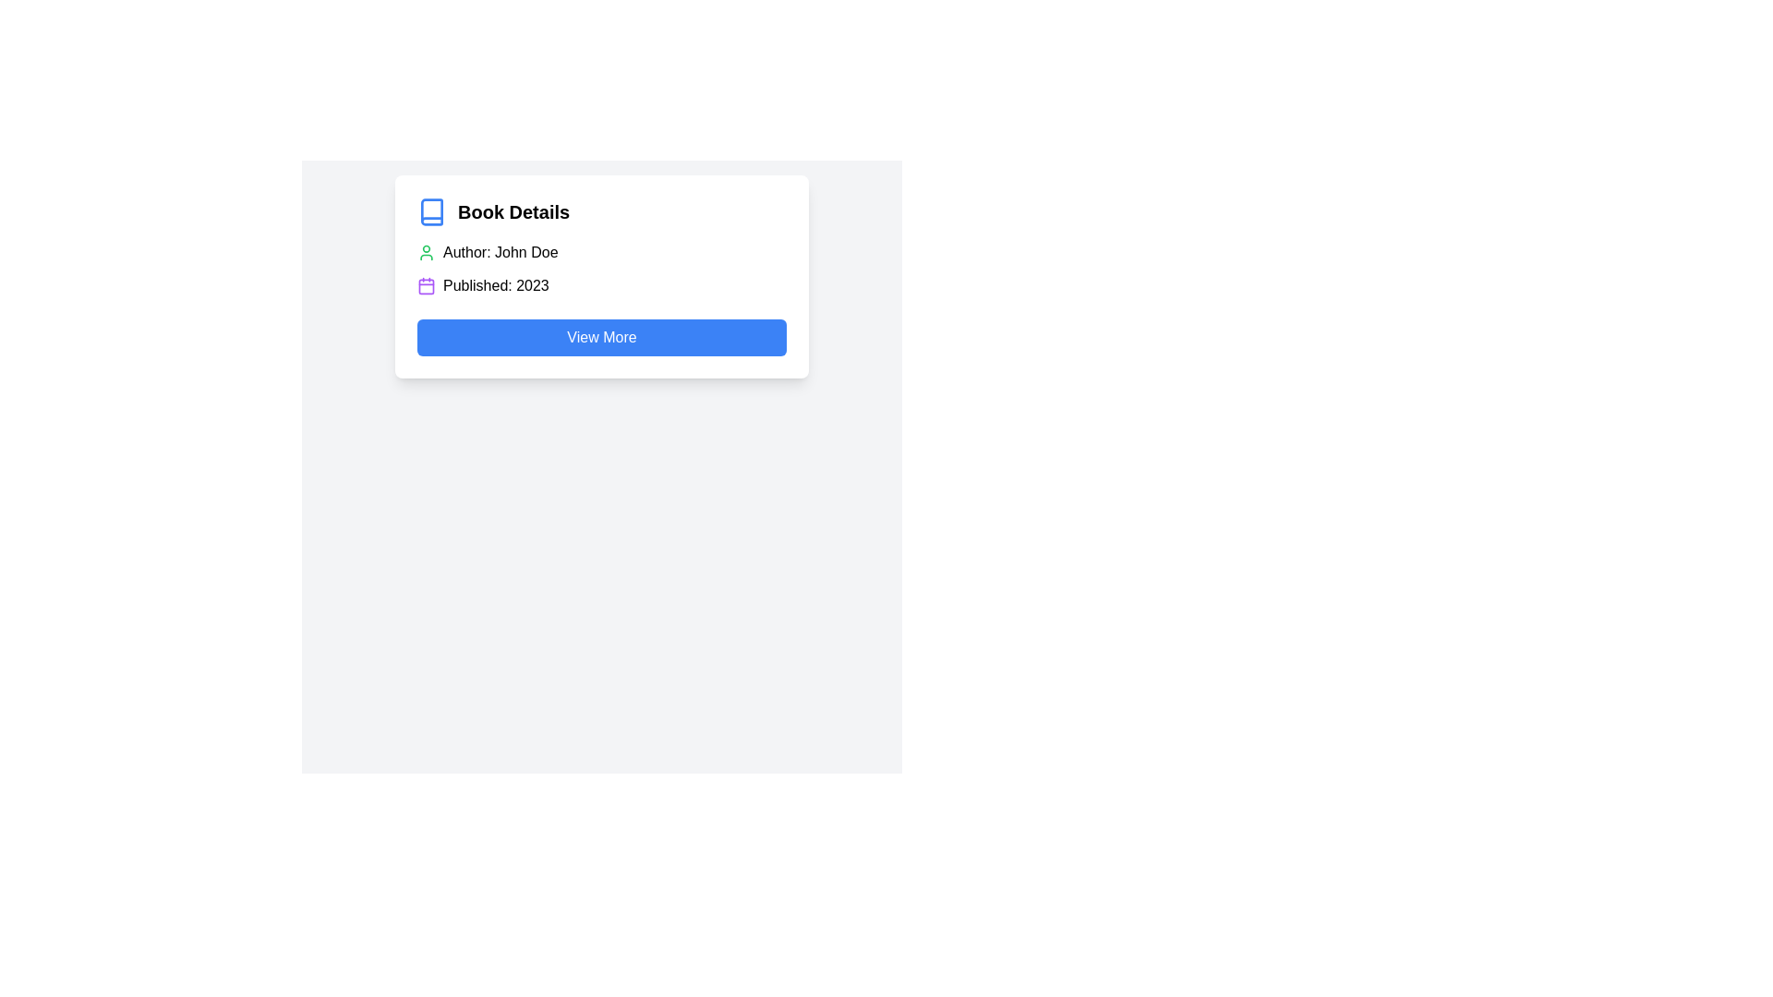 The image size is (1773, 997). What do you see at coordinates (430, 211) in the screenshot?
I see `the SVG icon representing the 'Book' concept, located in the top left portion of the card for the 'Book Details' section` at bounding box center [430, 211].